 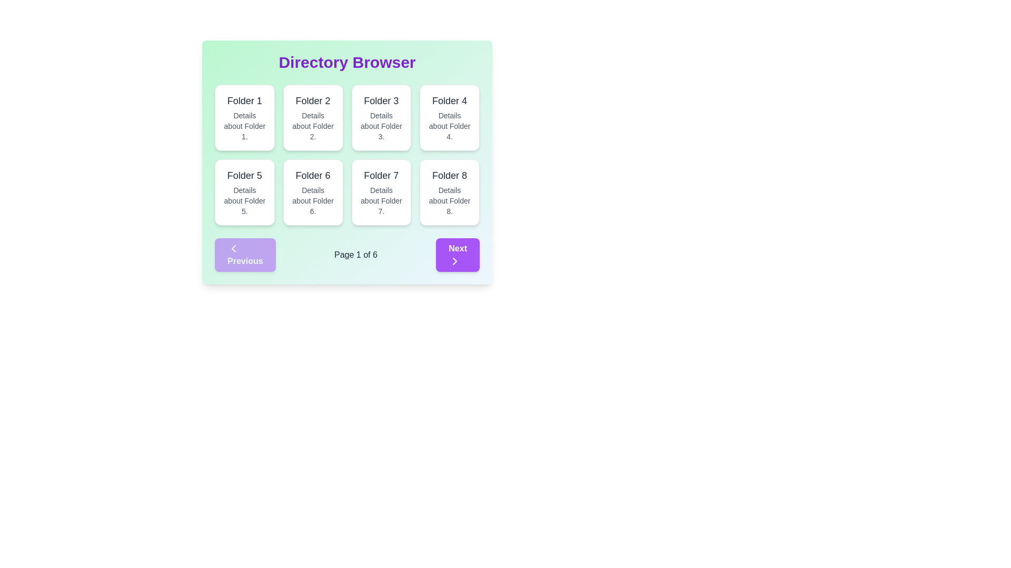 What do you see at coordinates (450, 175) in the screenshot?
I see `the static text label positioned at the top center of the eighth card in the grid layout, which identifies the content as 'Details about Folder 8.'` at bounding box center [450, 175].